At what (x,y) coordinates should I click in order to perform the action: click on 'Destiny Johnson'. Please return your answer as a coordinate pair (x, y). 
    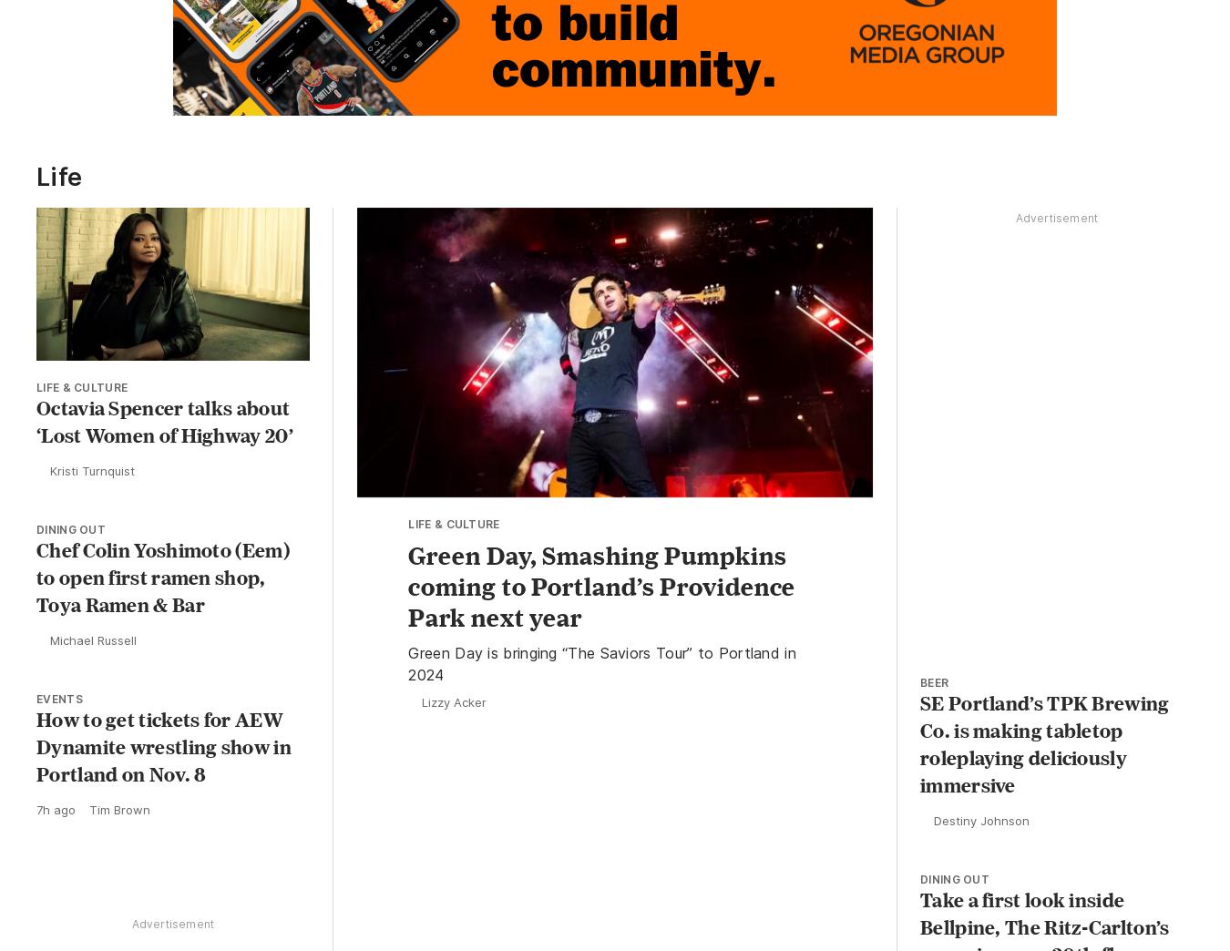
    Looking at the image, I should click on (981, 824).